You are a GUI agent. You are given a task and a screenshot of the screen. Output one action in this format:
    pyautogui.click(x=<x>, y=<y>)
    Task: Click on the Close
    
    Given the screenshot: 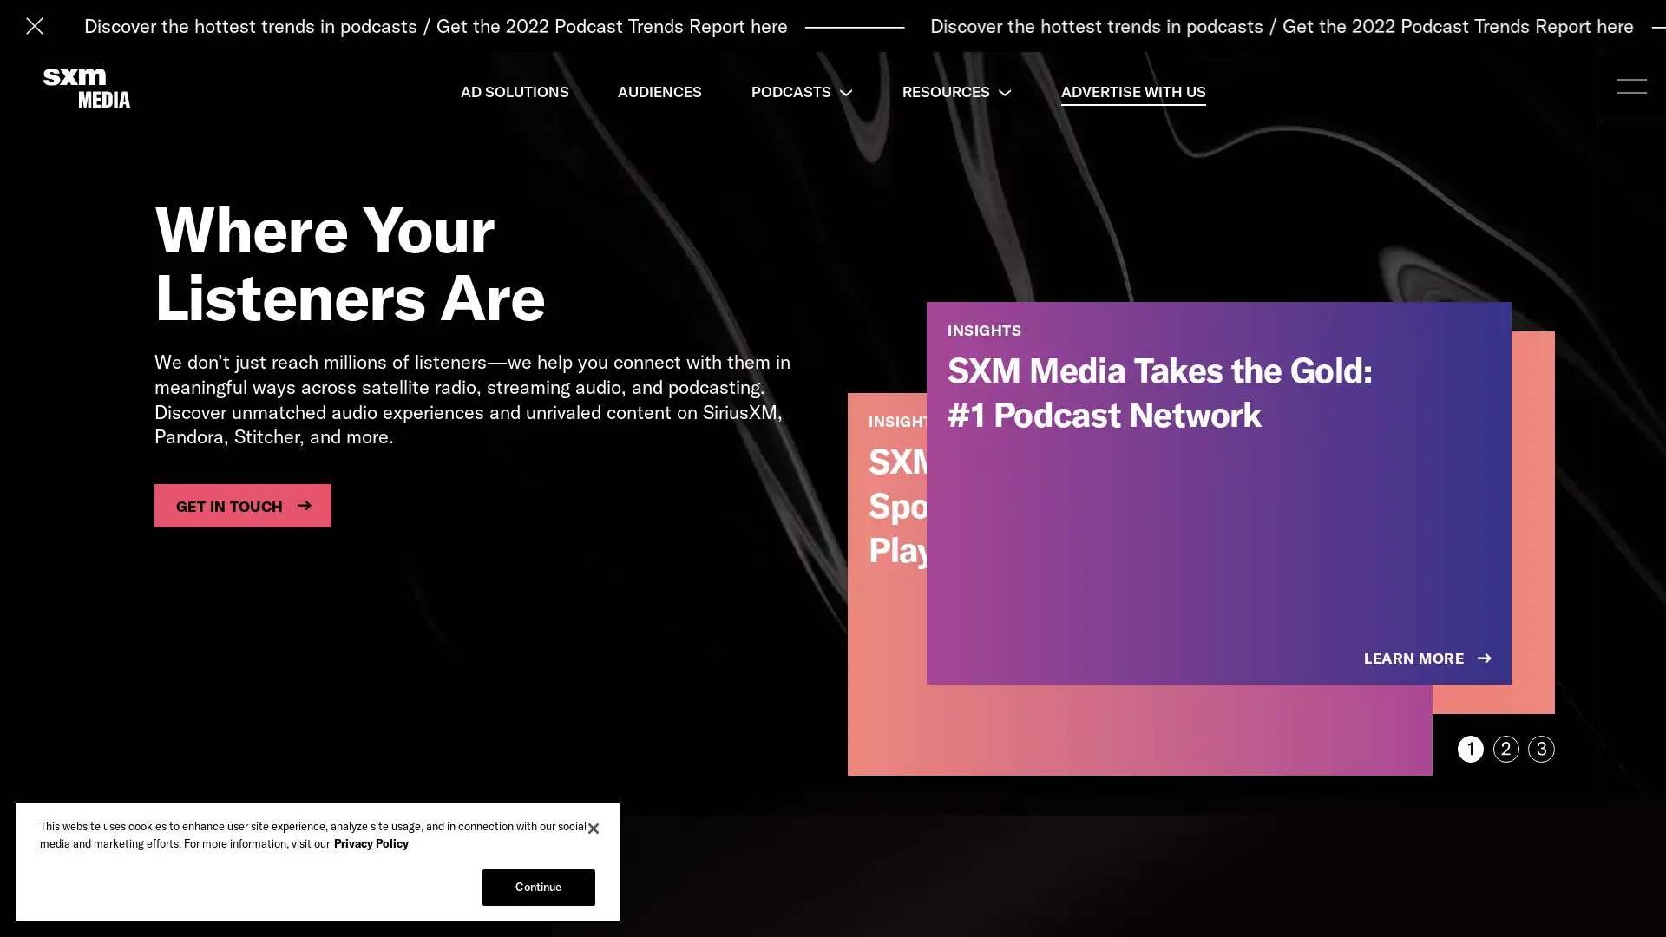 What is the action you would take?
    pyautogui.click(x=594, y=828)
    